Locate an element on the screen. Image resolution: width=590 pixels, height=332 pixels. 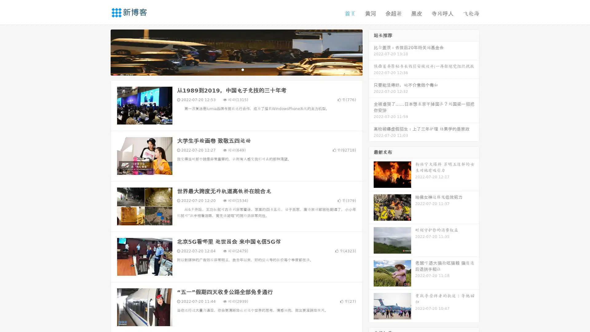
Go to slide 3 is located at coordinates (242, 69).